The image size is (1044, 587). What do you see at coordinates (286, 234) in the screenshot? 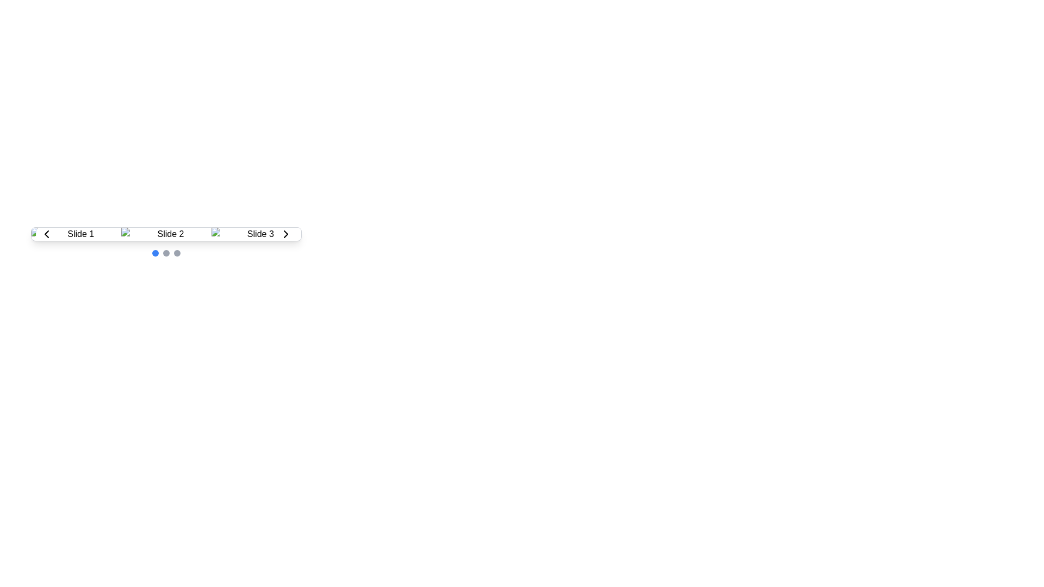
I see `the circular button with a white background and a black right-pointing chevron icon` at bounding box center [286, 234].